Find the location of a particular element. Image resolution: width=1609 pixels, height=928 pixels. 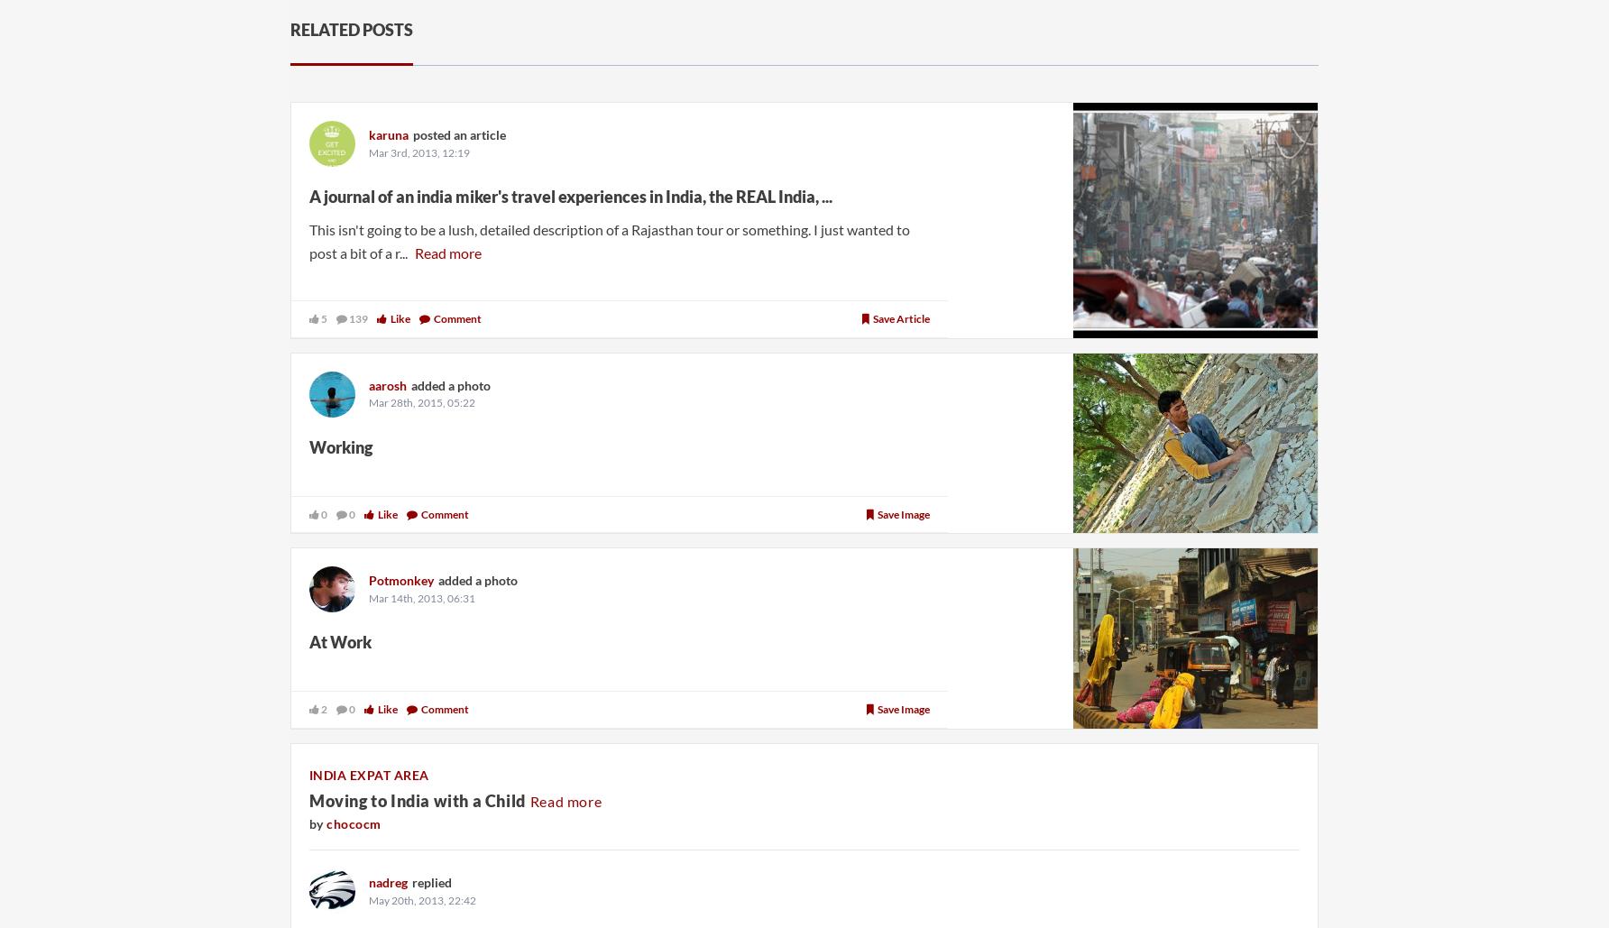

'aarosh' is located at coordinates (386, 383).